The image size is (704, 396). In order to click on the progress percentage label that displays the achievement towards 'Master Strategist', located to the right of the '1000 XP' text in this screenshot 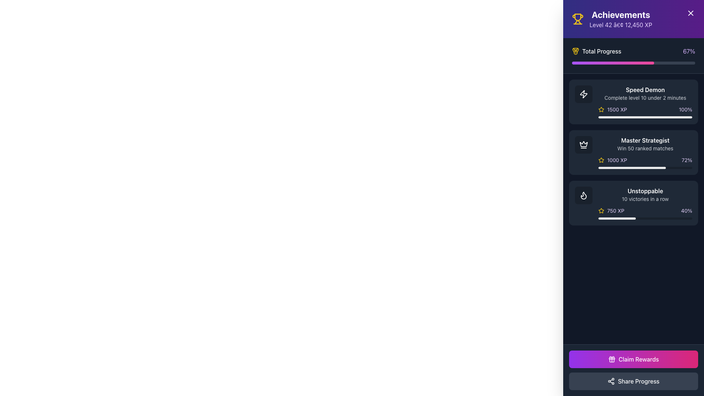, I will do `click(686, 159)`.